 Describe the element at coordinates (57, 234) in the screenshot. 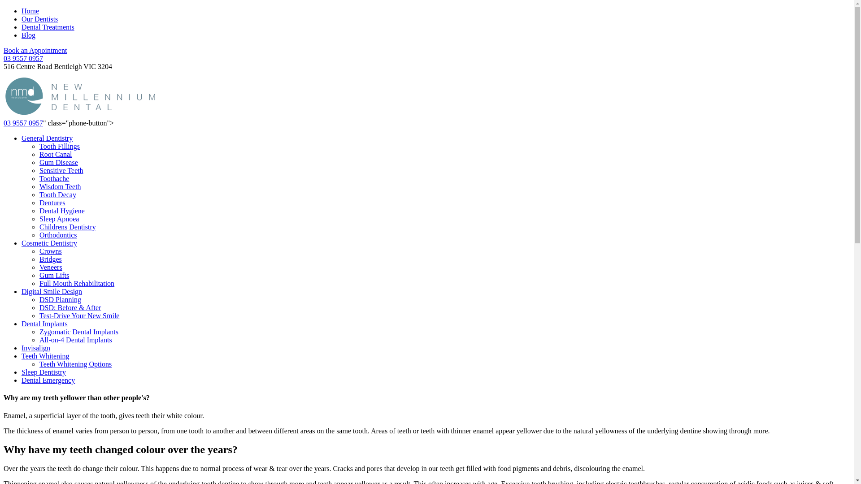

I see `'Orthodontics'` at that location.